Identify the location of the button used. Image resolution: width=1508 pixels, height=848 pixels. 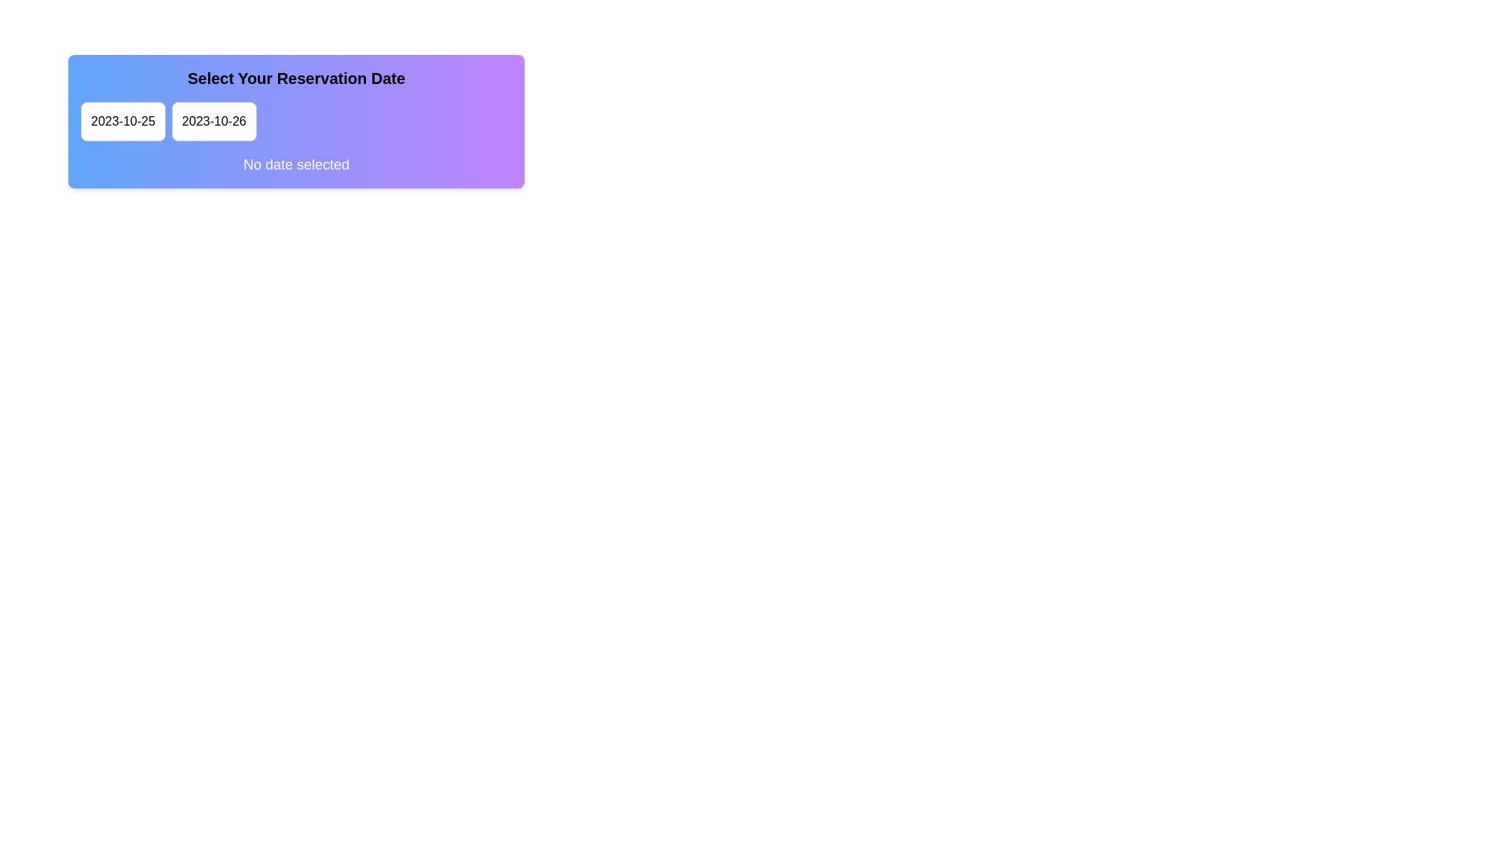
(213, 120).